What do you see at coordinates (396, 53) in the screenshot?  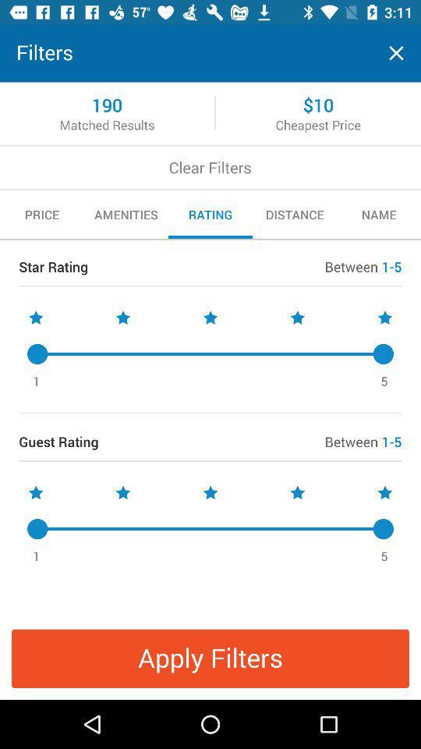 I see `close` at bounding box center [396, 53].